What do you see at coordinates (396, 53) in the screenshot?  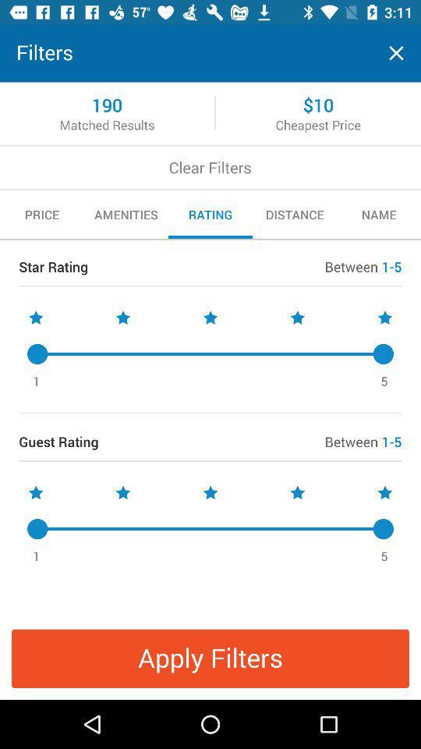 I see `close` at bounding box center [396, 53].